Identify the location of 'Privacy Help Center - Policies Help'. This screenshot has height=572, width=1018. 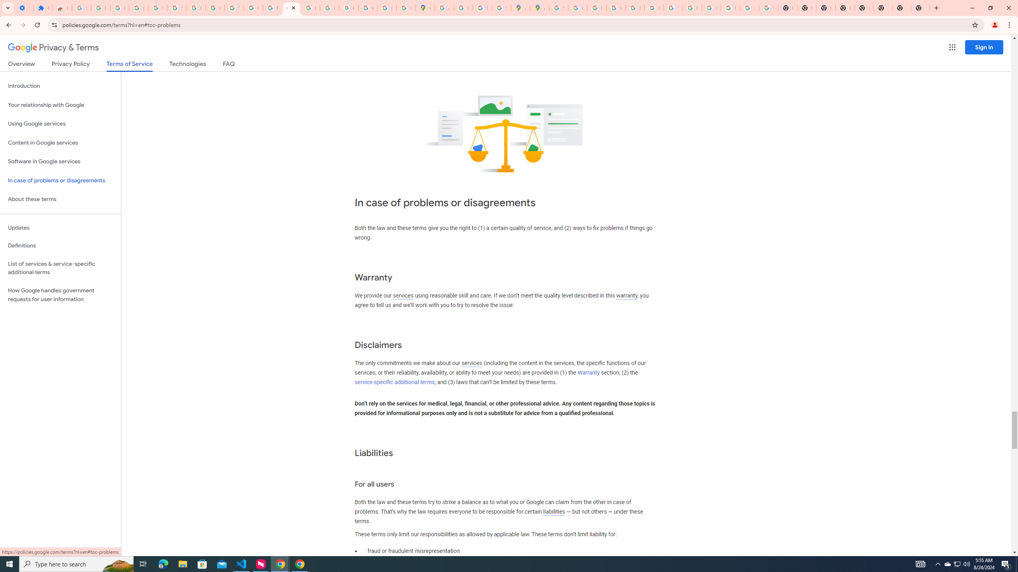
(596, 8).